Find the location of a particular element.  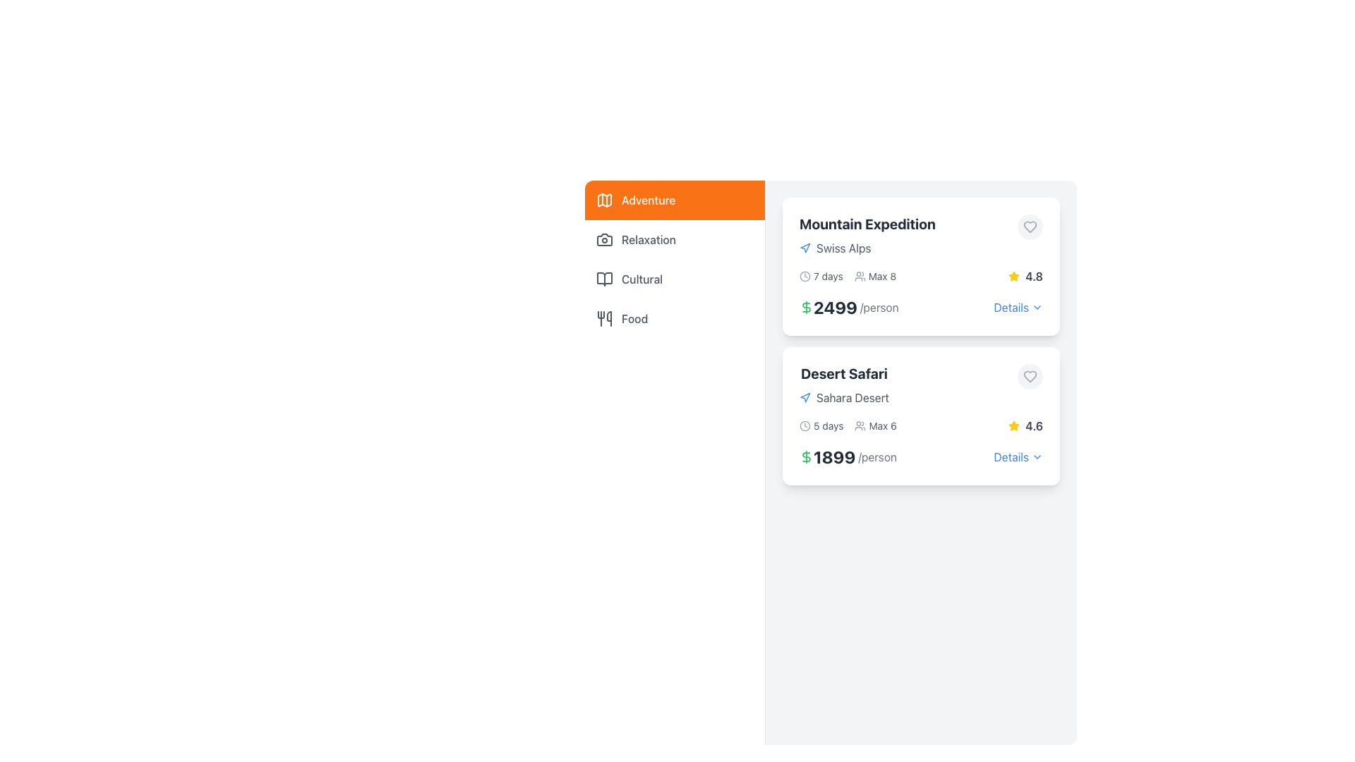

the text label displaying 'Sahara Desert', which is gray in color and part of the 'Desert Safari' section, positioned to the right of a navigation arrow icon is located at coordinates (852, 397).